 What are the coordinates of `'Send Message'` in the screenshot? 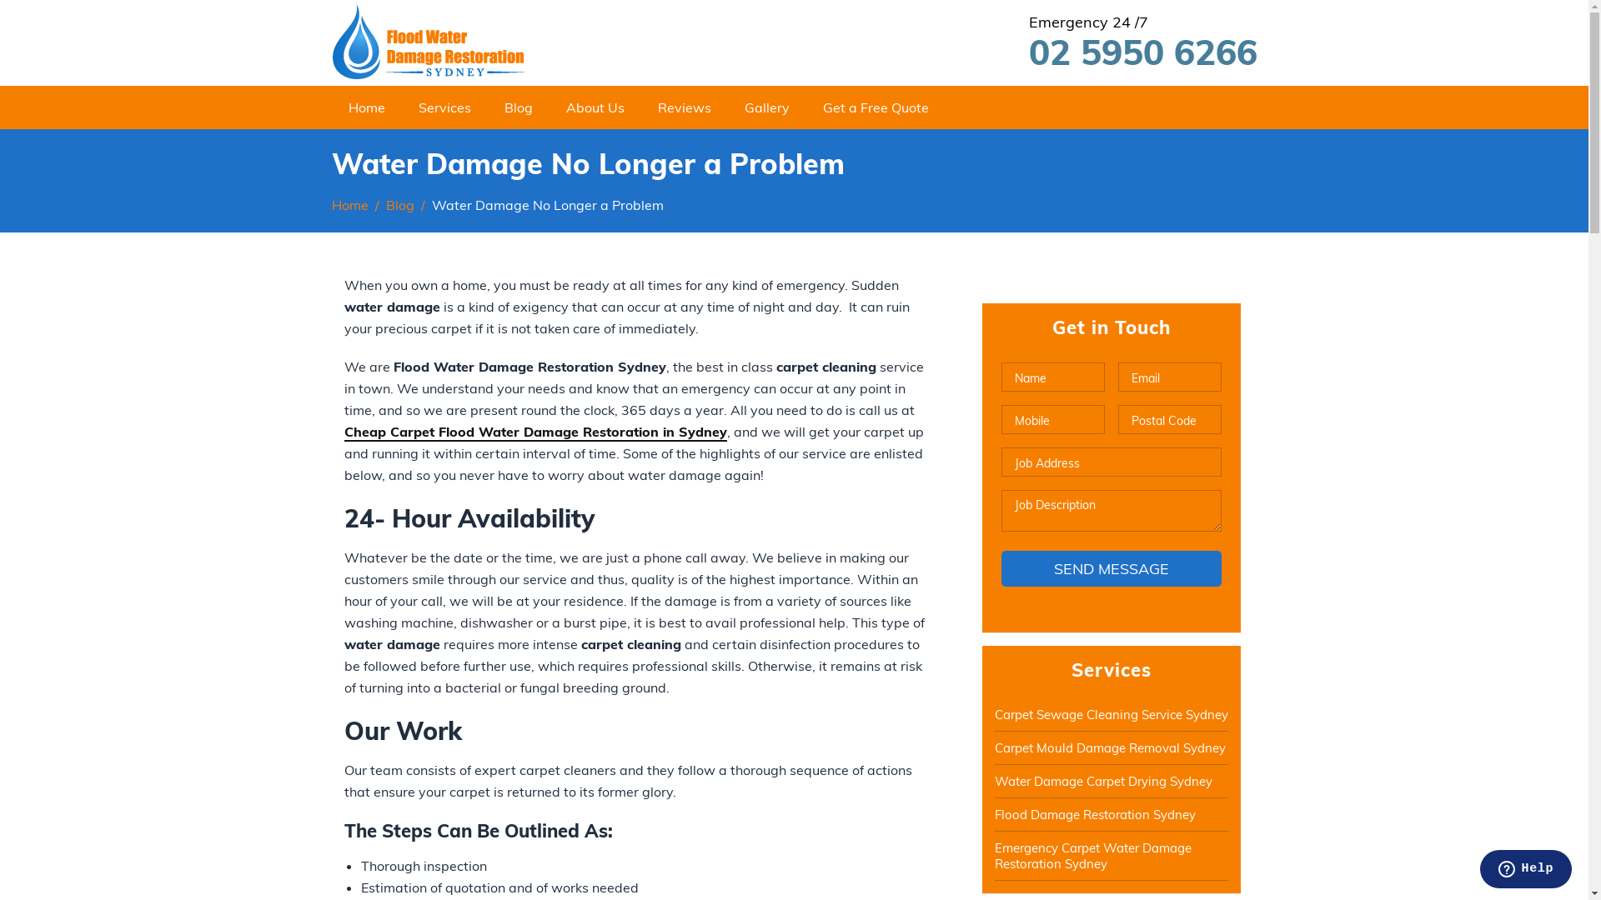 It's located at (1110, 567).